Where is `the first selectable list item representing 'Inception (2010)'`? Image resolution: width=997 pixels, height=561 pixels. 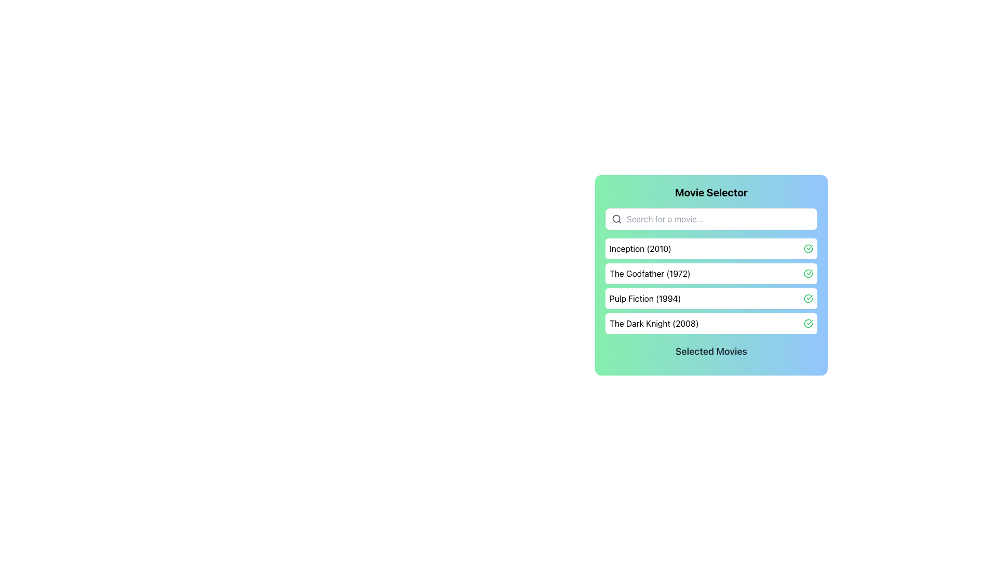 the first selectable list item representing 'Inception (2010)' is located at coordinates (710, 248).